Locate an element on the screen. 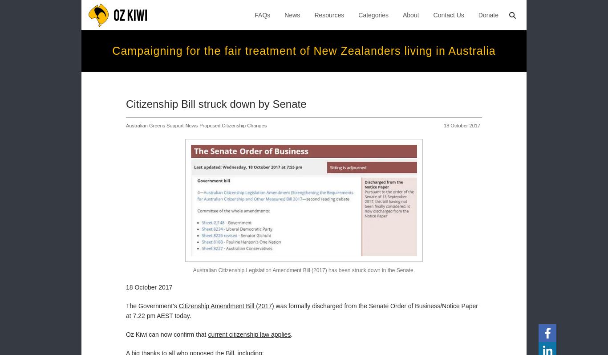  'About' is located at coordinates (402, 15).